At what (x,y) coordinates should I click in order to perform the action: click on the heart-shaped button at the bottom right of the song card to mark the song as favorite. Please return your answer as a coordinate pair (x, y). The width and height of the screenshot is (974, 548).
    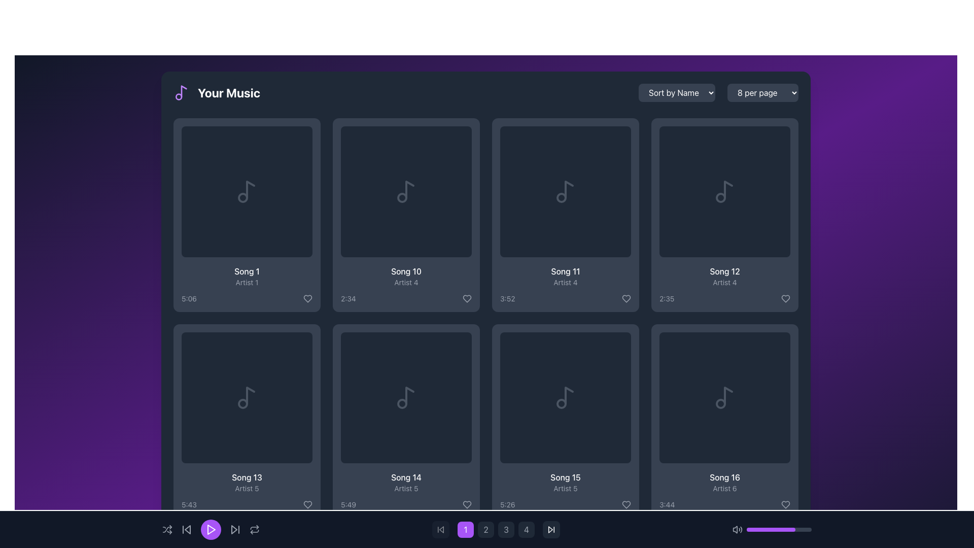
    Looking at the image, I should click on (785, 298).